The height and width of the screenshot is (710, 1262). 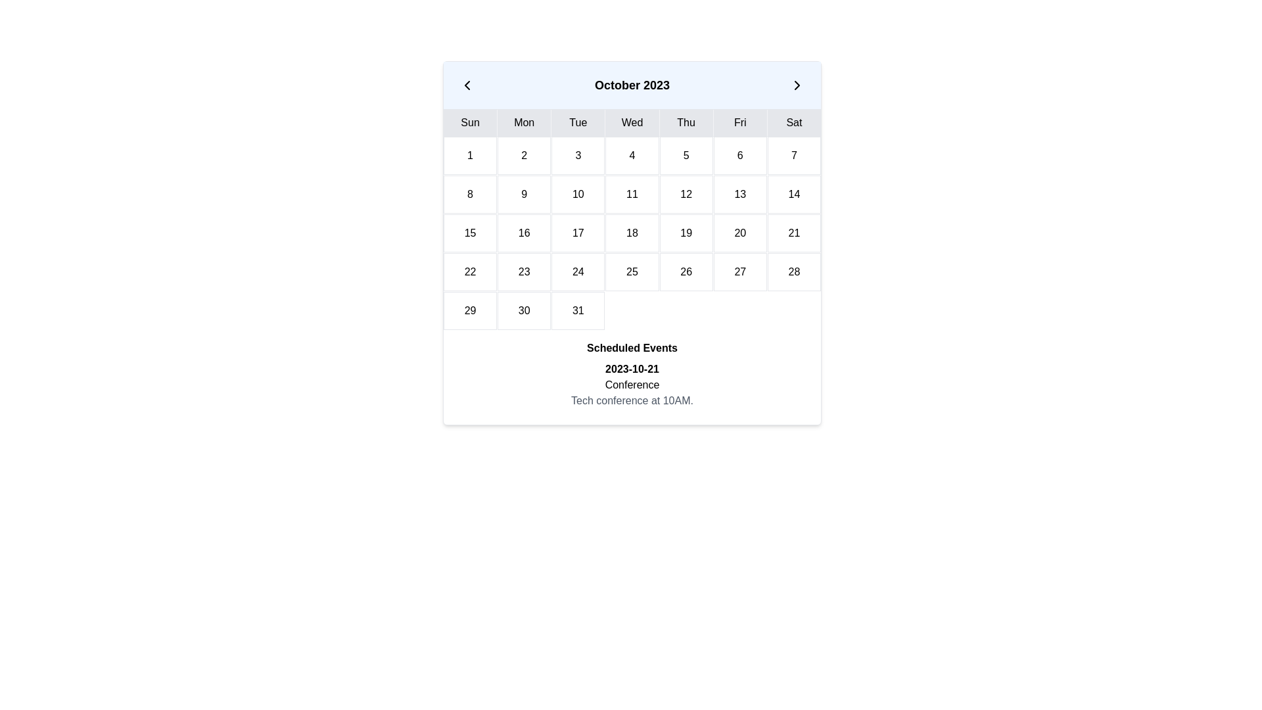 I want to click on the static text element representing the first day of the month in the top-left corner of the calendar grid, under the 'Sun' column, so click(x=470, y=154).